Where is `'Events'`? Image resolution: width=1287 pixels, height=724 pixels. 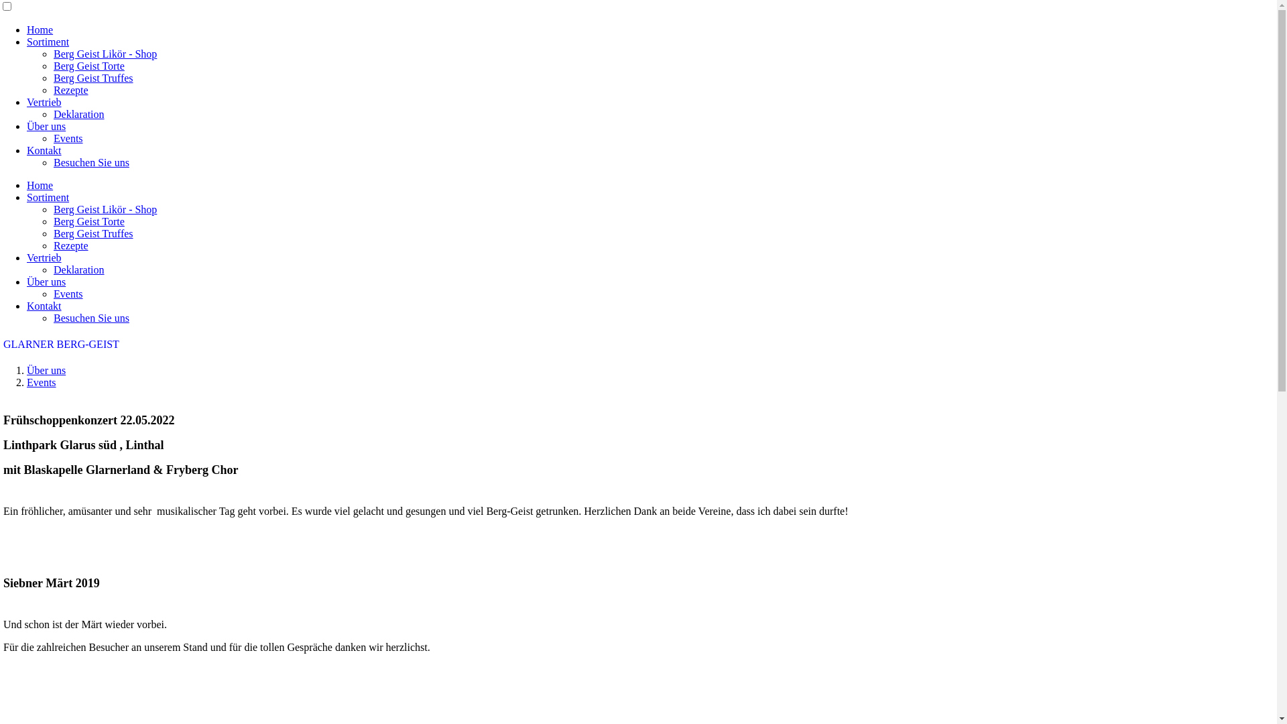
'Events' is located at coordinates (67, 138).